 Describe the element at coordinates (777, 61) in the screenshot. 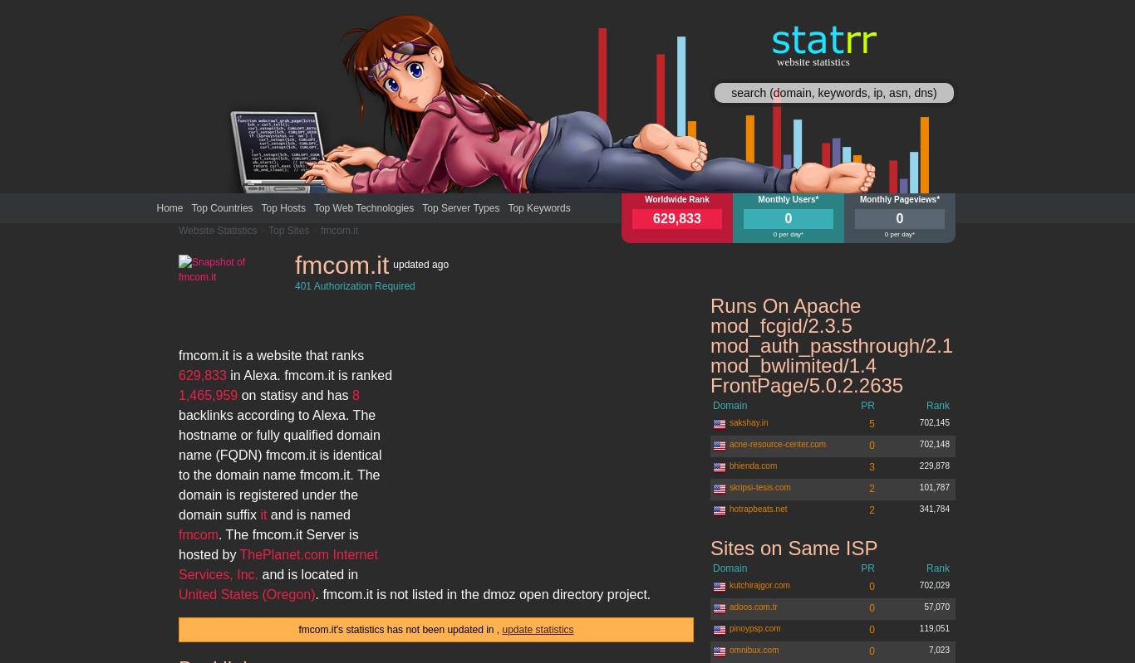

I see `'website statistics'` at that location.